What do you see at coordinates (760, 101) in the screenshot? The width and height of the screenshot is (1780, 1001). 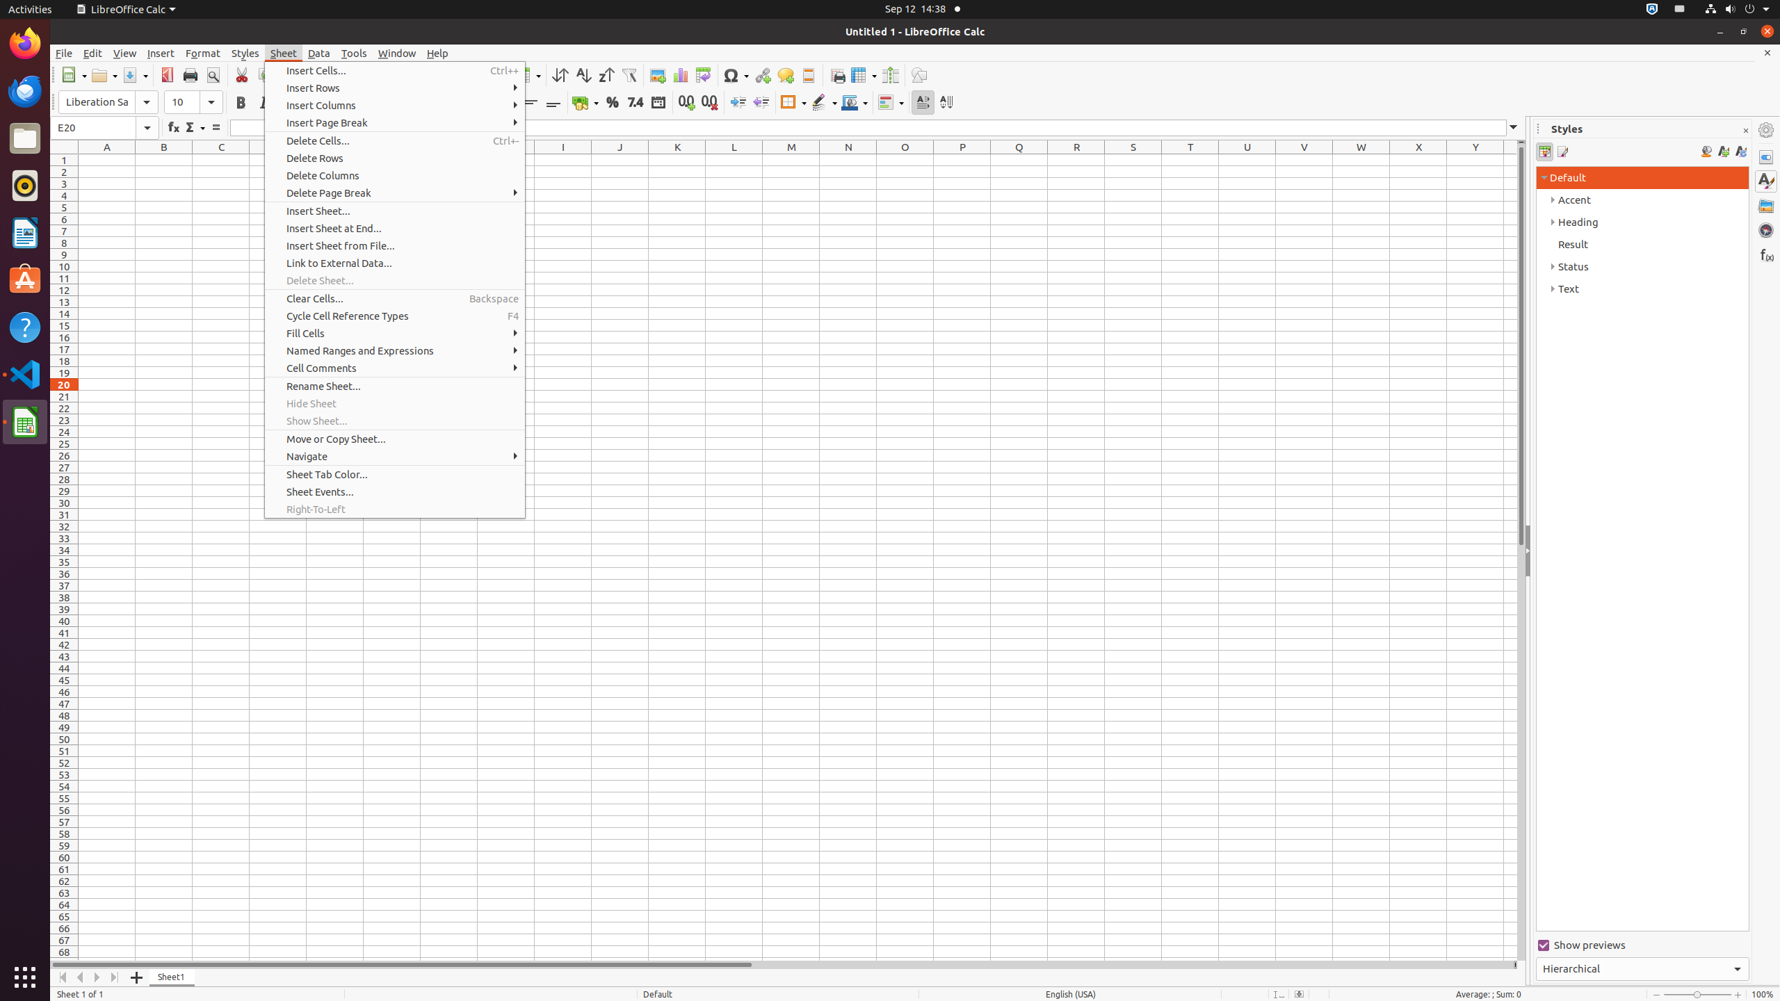 I see `'Decrease'` at bounding box center [760, 101].